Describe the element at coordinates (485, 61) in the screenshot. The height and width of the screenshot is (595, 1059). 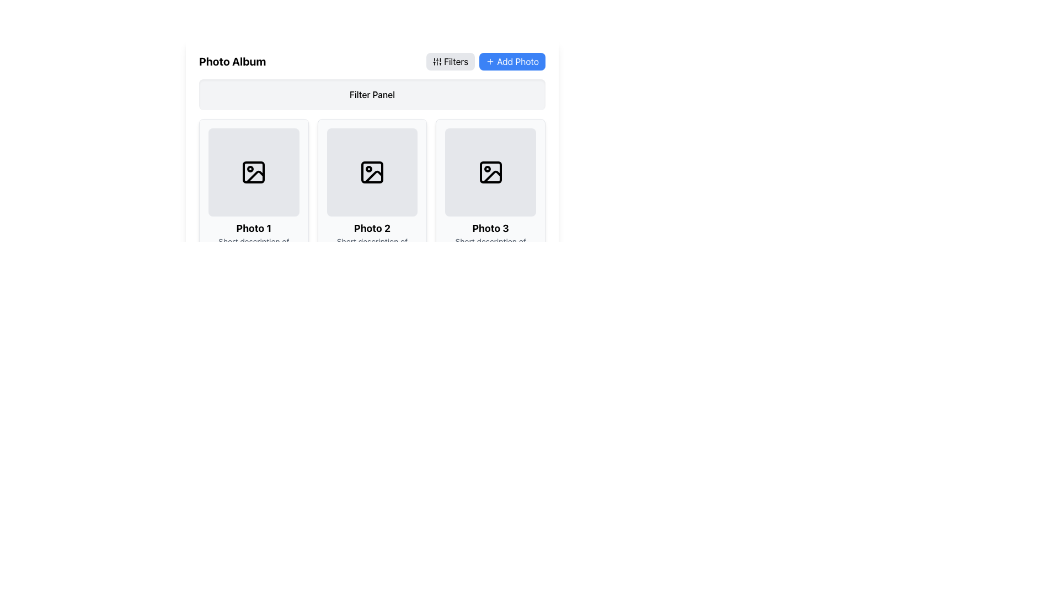
I see `the 'Add Photo' button located in the top-right section of the 'Photo Album' bar to upload a photo` at that location.